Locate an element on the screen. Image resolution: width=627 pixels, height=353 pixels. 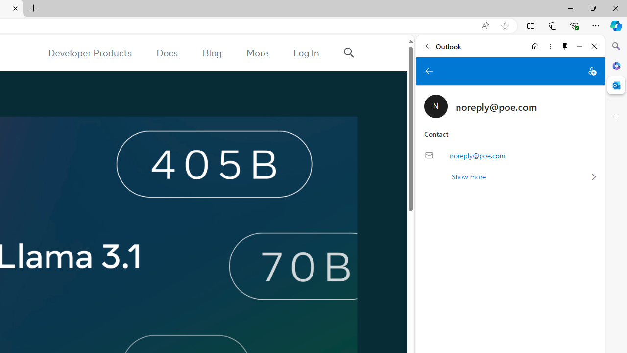
'Unpin side pane' is located at coordinates (565, 46).